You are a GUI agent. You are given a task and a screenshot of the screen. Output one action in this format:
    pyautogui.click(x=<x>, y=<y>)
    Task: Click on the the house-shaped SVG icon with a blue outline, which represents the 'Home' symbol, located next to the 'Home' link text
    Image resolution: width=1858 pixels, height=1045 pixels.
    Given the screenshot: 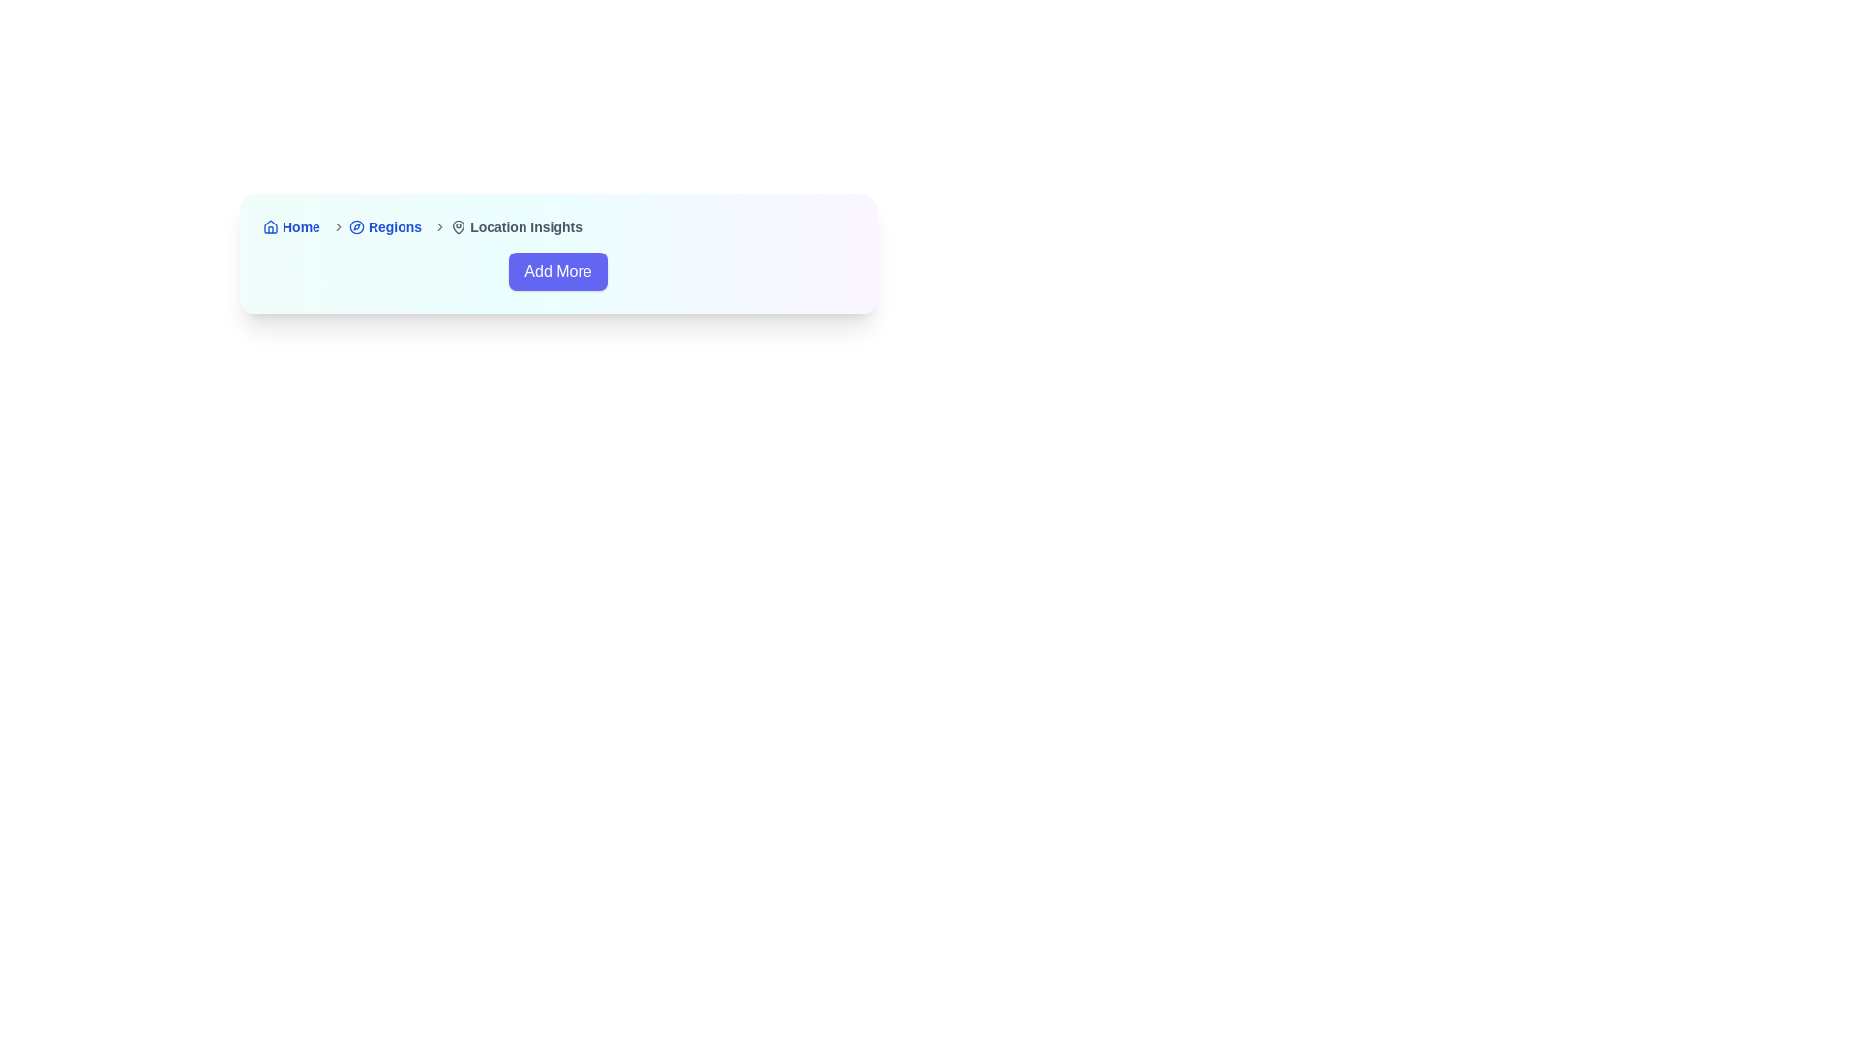 What is the action you would take?
    pyautogui.click(x=269, y=226)
    